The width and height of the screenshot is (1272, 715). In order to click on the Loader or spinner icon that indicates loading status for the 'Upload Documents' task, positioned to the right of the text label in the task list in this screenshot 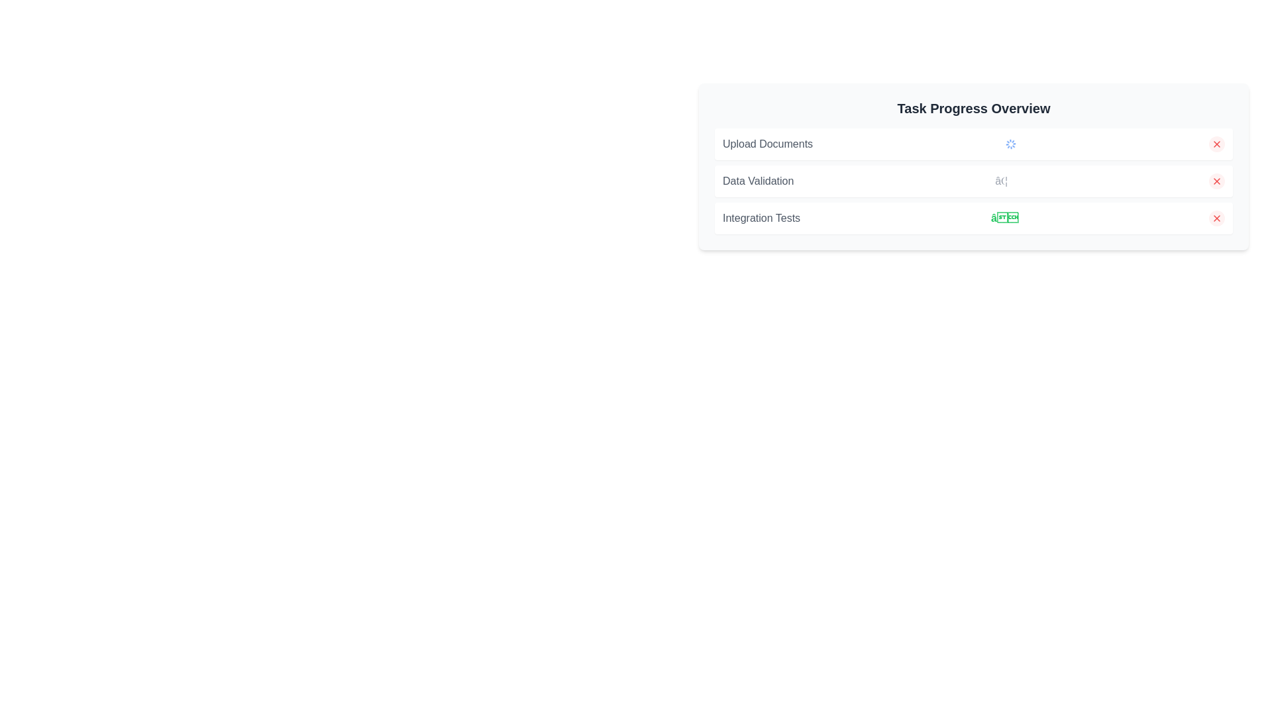, I will do `click(1010, 144)`.